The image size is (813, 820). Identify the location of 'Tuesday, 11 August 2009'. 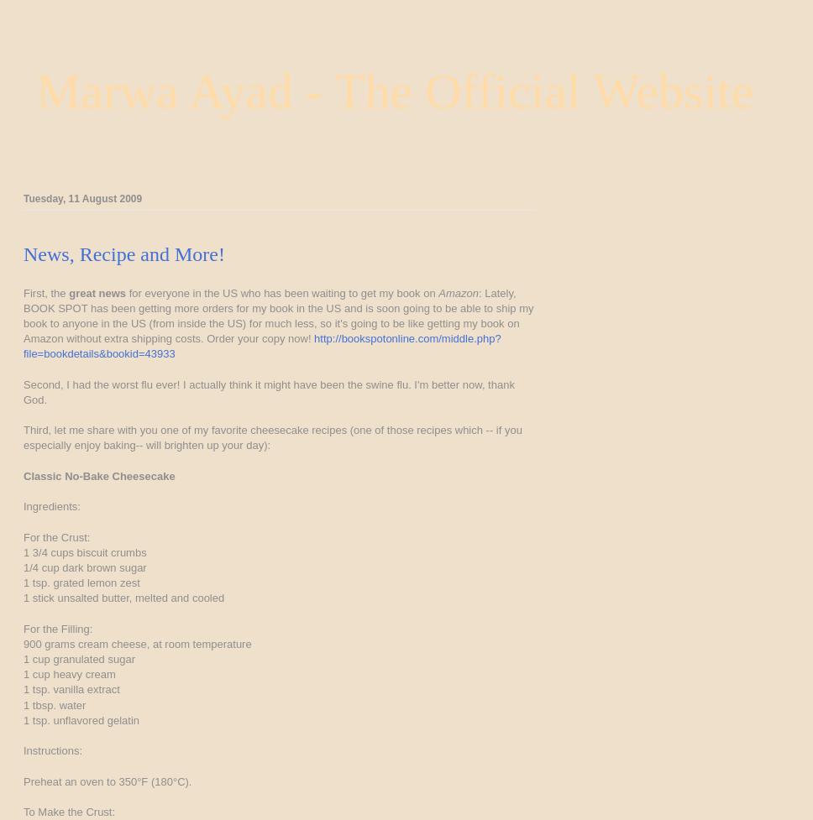
(82, 197).